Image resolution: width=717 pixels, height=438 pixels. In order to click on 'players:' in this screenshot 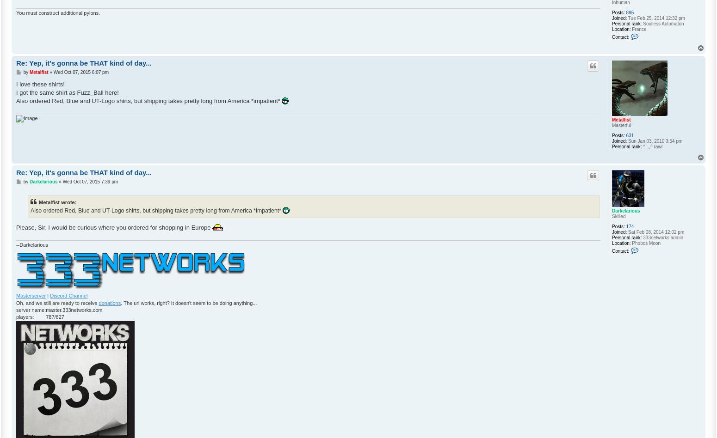, I will do `click(24, 316)`.